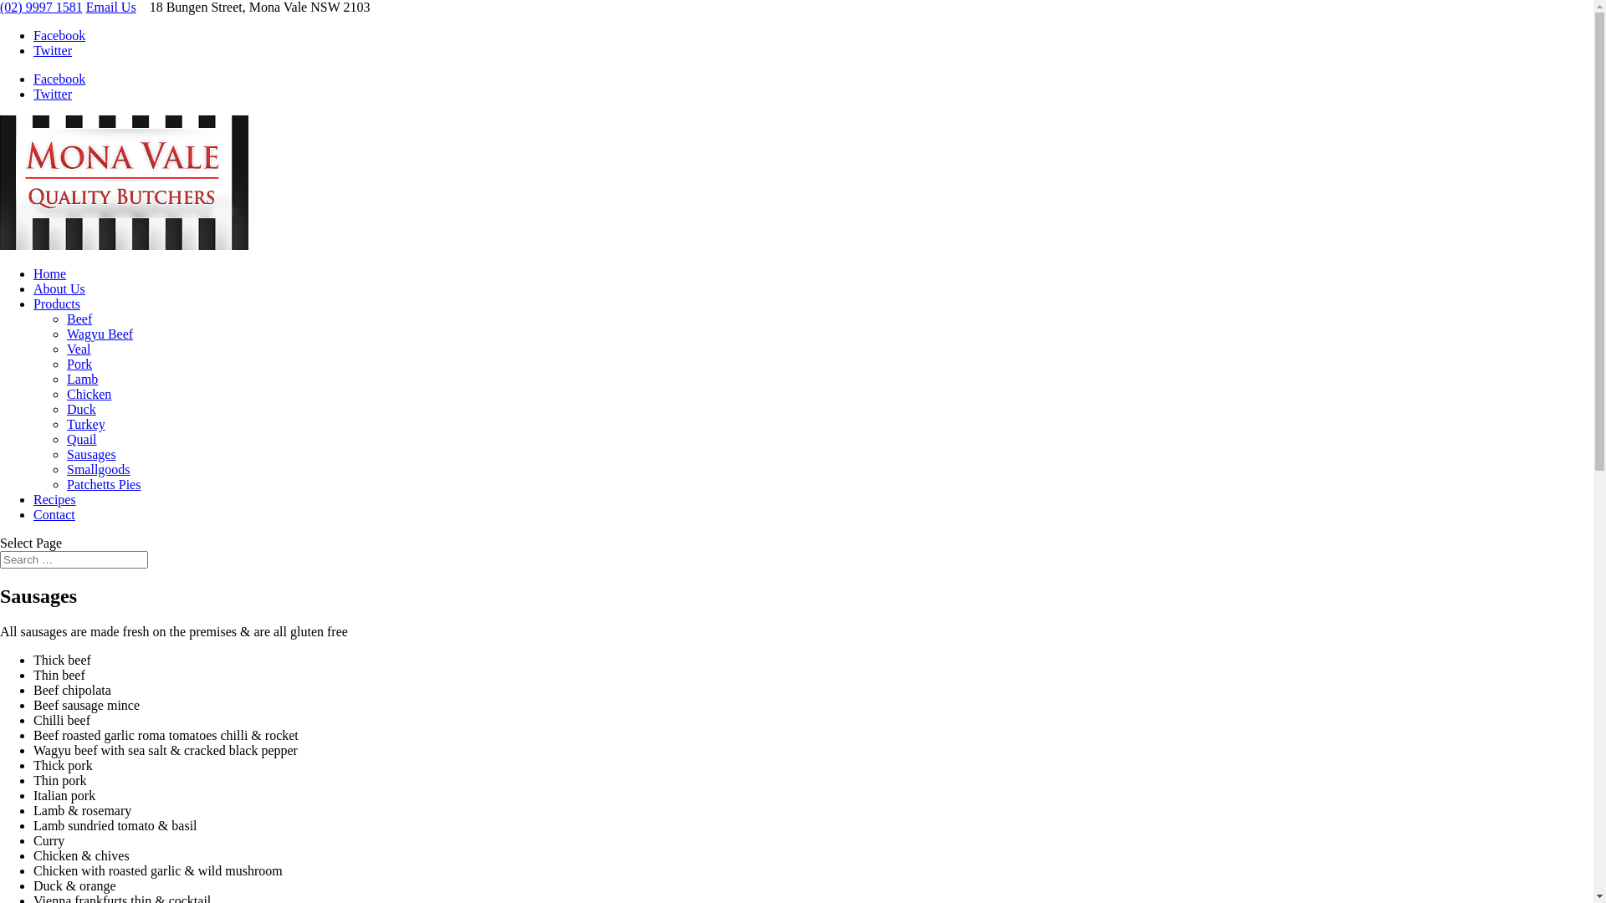 The width and height of the screenshot is (1606, 903). What do you see at coordinates (54, 513) in the screenshot?
I see `'Contact'` at bounding box center [54, 513].